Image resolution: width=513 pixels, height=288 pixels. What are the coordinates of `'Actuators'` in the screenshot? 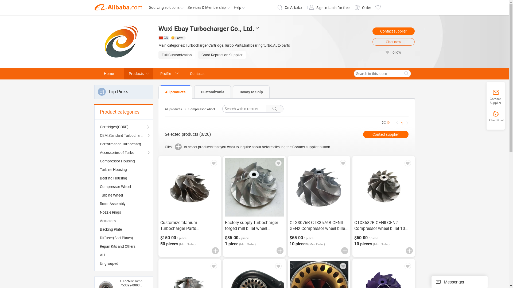 It's located at (100, 221).